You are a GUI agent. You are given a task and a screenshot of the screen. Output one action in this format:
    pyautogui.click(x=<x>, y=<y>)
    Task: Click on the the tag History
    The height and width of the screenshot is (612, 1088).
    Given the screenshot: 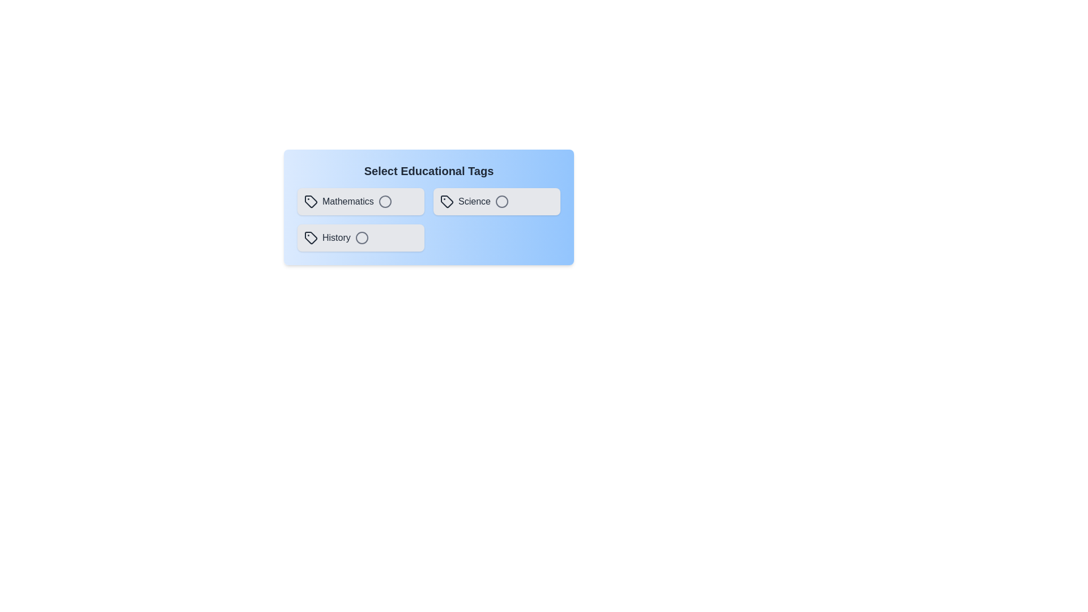 What is the action you would take?
    pyautogui.click(x=360, y=237)
    